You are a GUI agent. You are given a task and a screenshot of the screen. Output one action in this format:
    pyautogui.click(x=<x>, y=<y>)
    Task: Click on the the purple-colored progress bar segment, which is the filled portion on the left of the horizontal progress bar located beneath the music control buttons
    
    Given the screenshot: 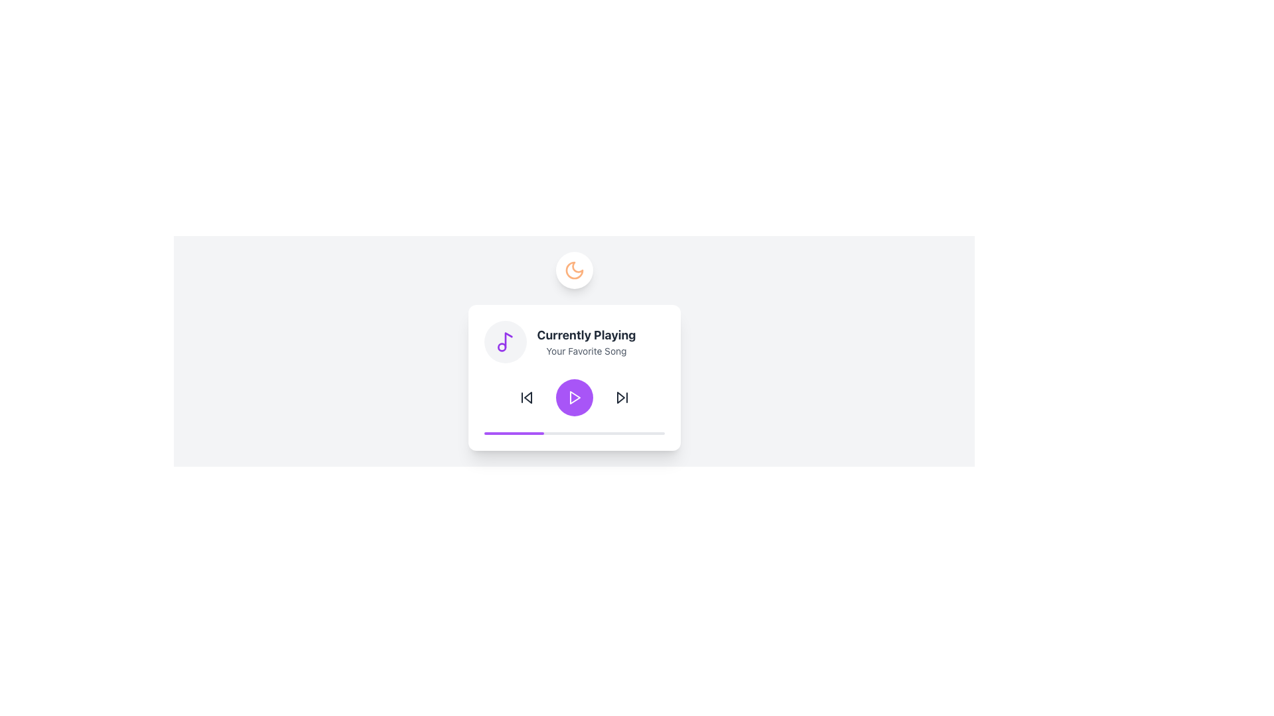 What is the action you would take?
    pyautogui.click(x=513, y=434)
    